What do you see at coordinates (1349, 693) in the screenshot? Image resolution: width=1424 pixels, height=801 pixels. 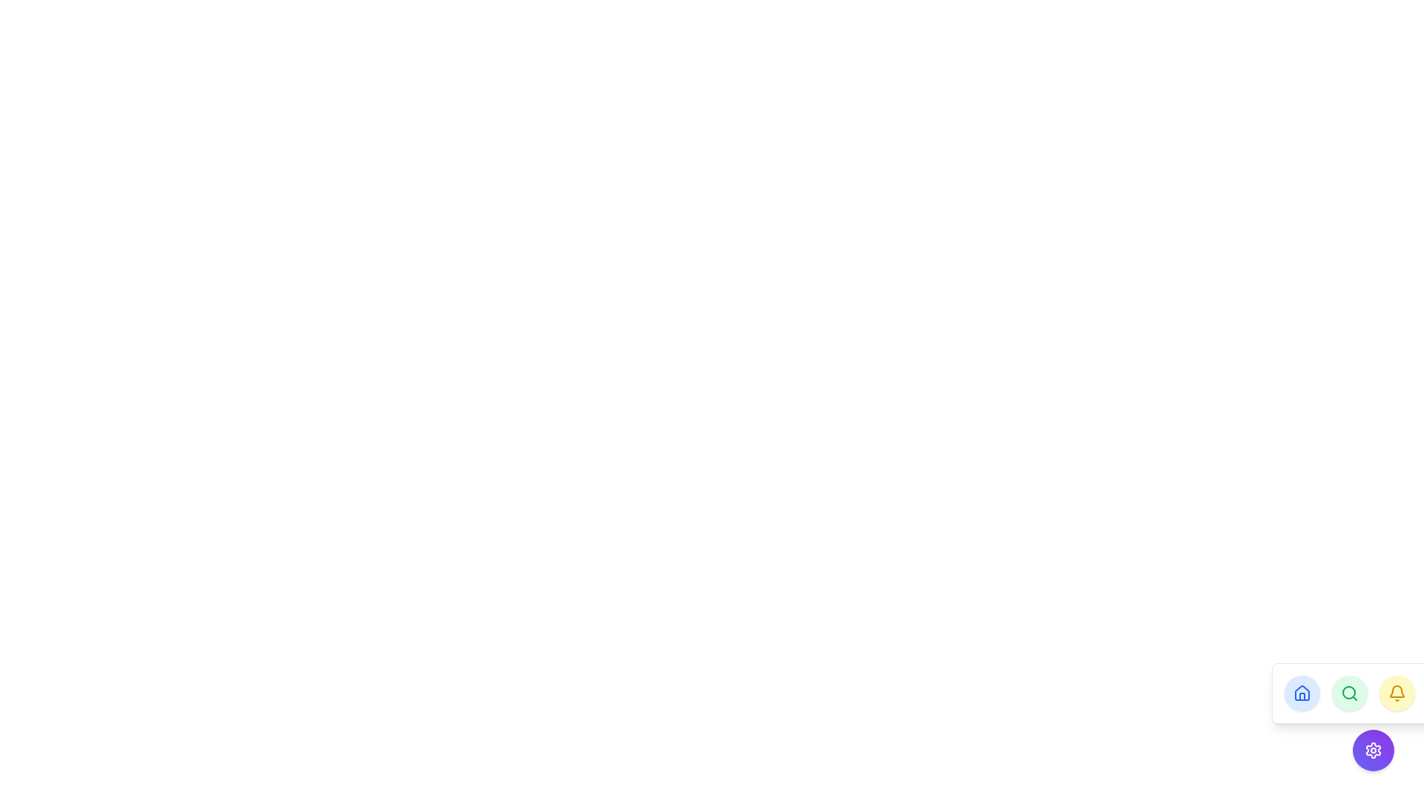 I see `the second circular icon button located at the bottom-right corner of the interface` at bounding box center [1349, 693].